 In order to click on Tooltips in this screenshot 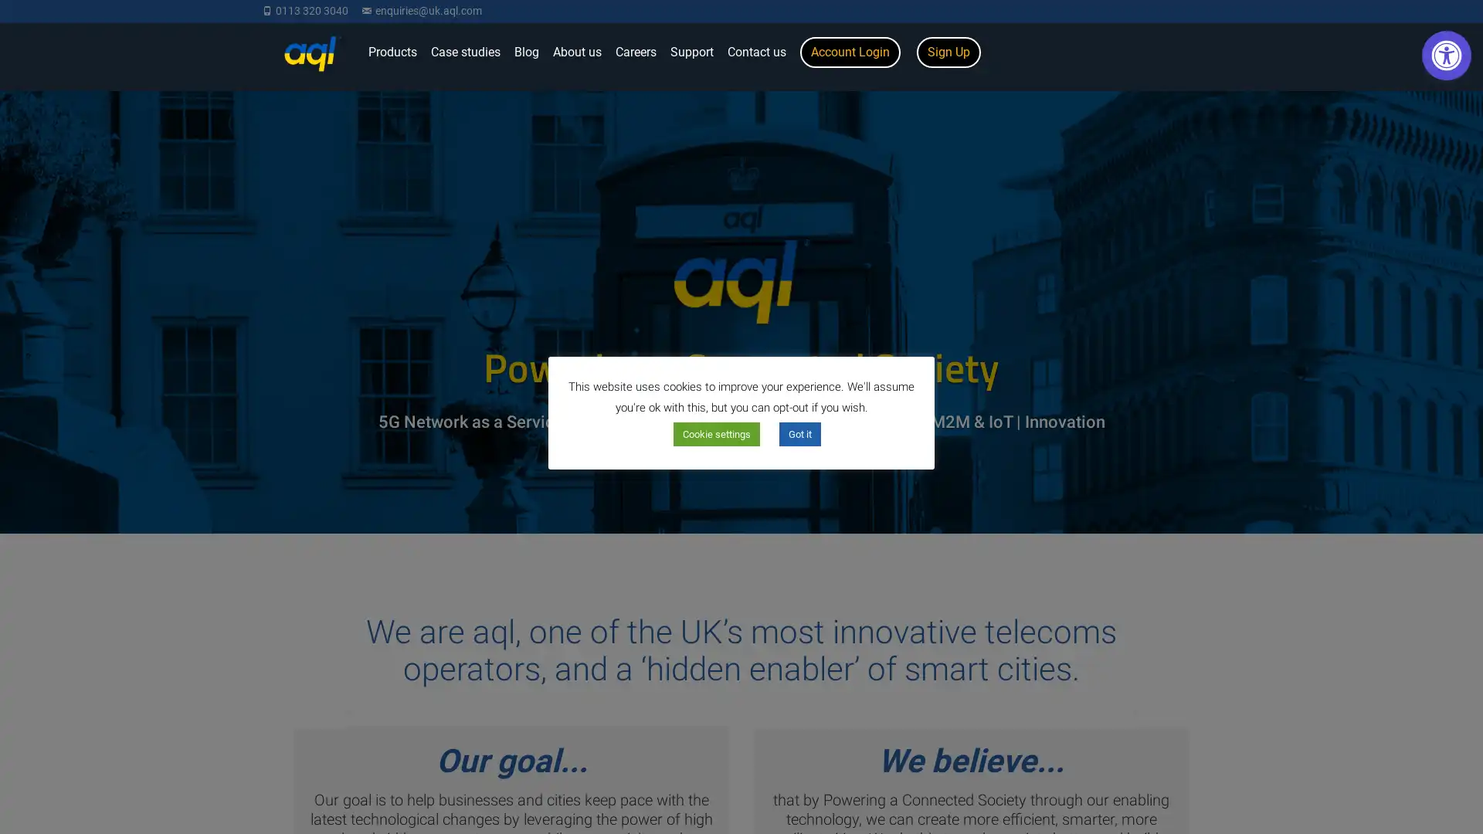, I will do `click(1232, 360)`.